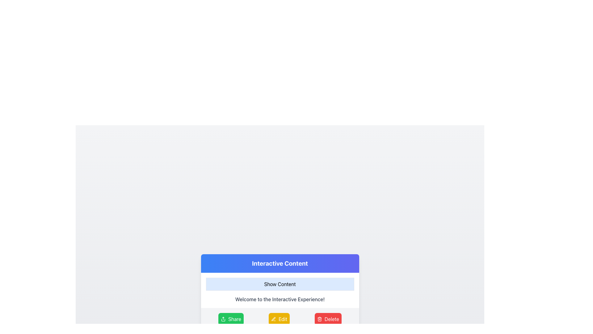 The image size is (593, 334). What do you see at coordinates (328, 319) in the screenshot?
I see `the 'Delete' button located at the bottom of the card interface, which is the third button to the right of the yellow 'Edit' button and the green 'Share' button` at bounding box center [328, 319].